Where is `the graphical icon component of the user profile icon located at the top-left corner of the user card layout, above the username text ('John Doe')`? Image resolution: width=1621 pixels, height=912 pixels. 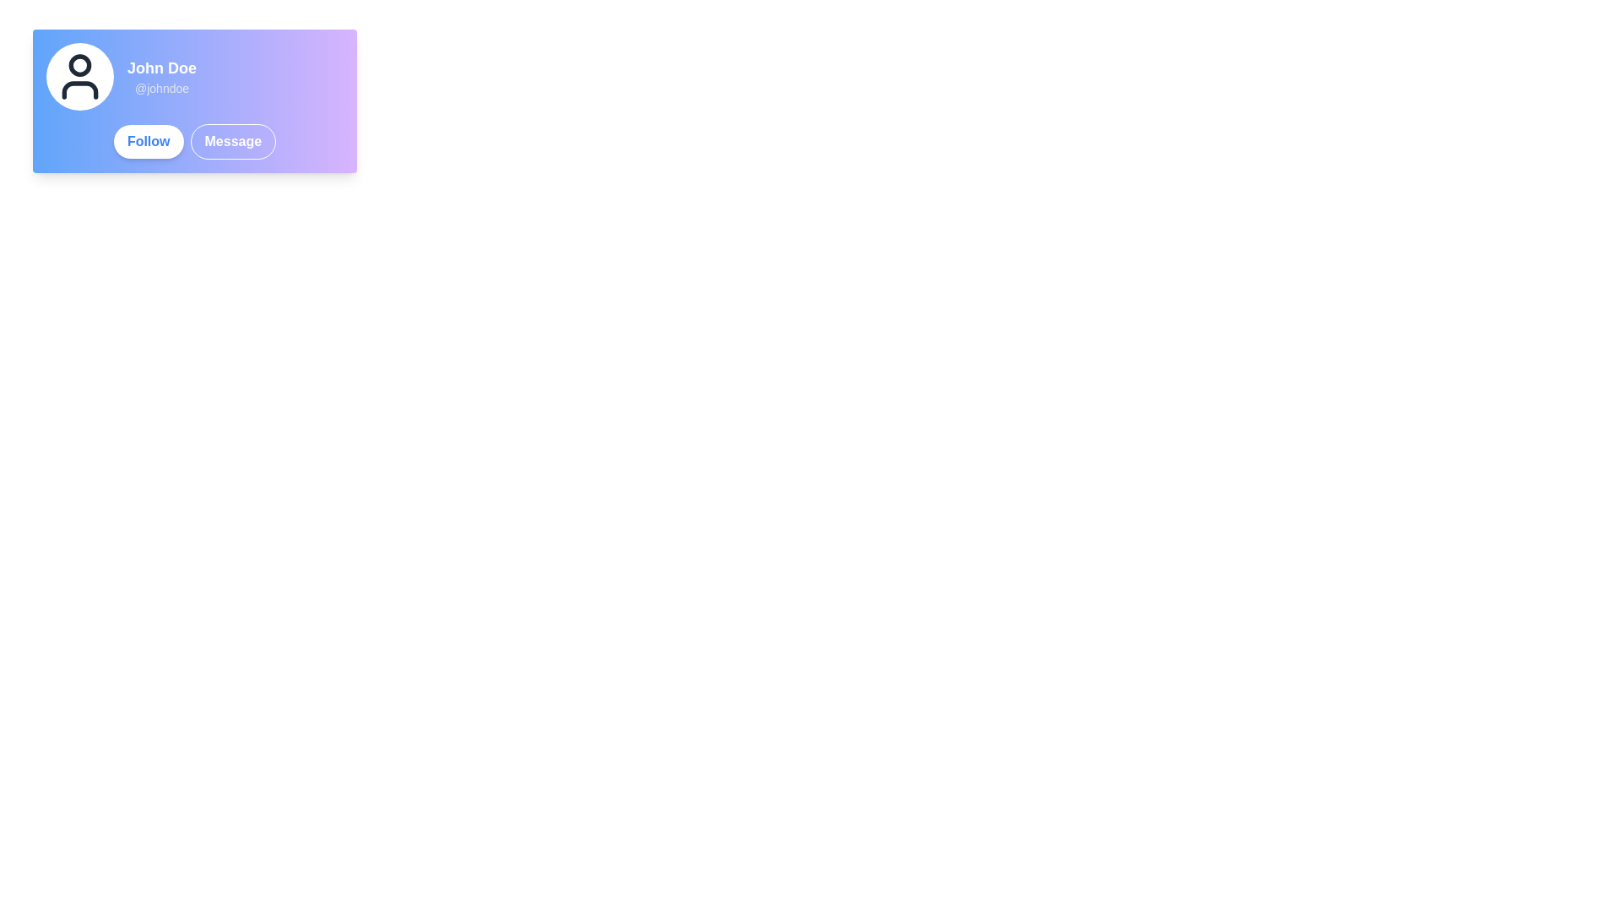
the graphical icon component of the user profile icon located at the top-left corner of the user card layout, above the username text ('John Doe') is located at coordinates (79, 64).